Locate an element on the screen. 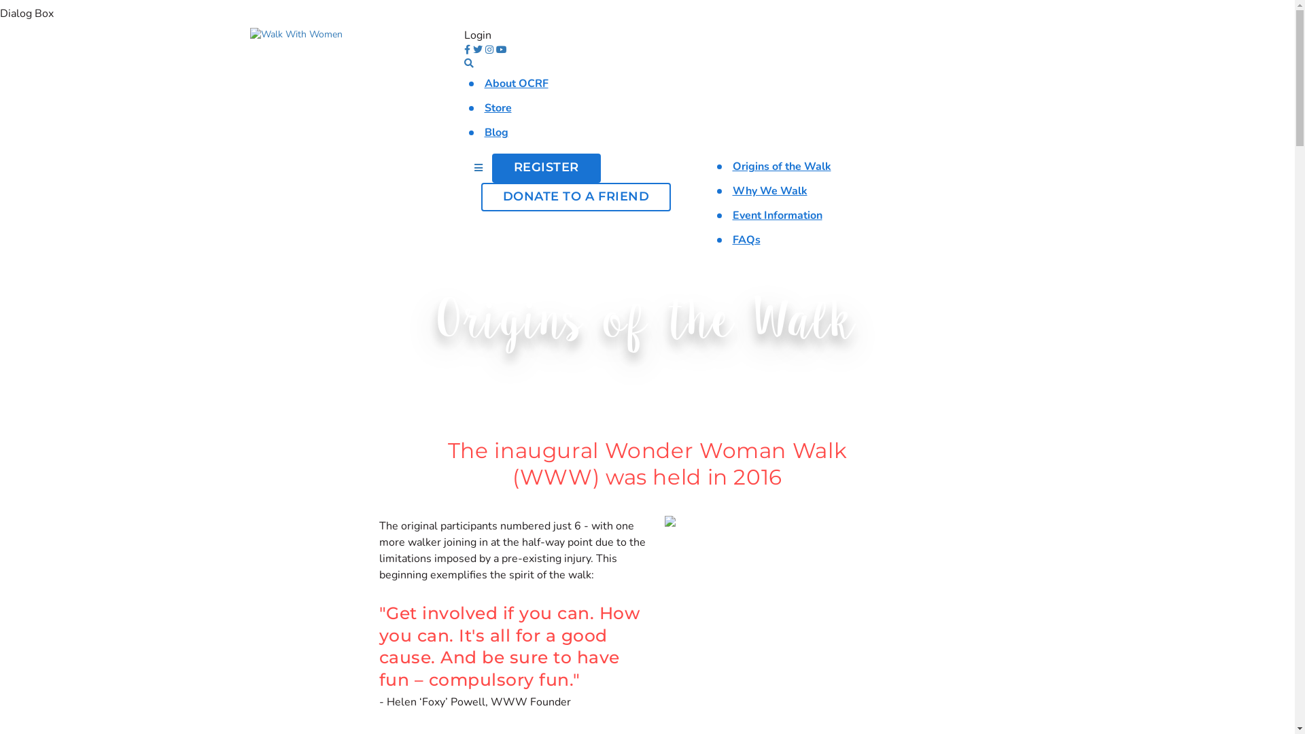  'Blog' is located at coordinates (495, 133).